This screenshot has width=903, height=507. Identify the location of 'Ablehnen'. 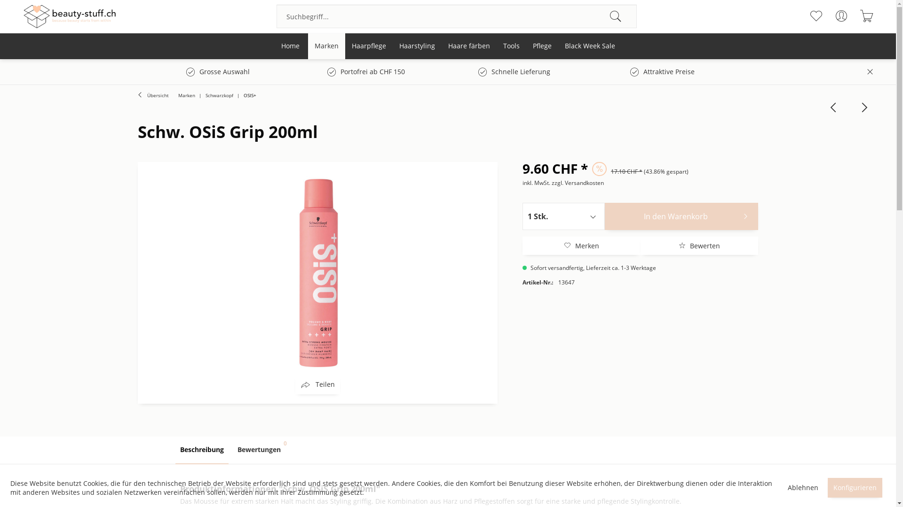
(802, 487).